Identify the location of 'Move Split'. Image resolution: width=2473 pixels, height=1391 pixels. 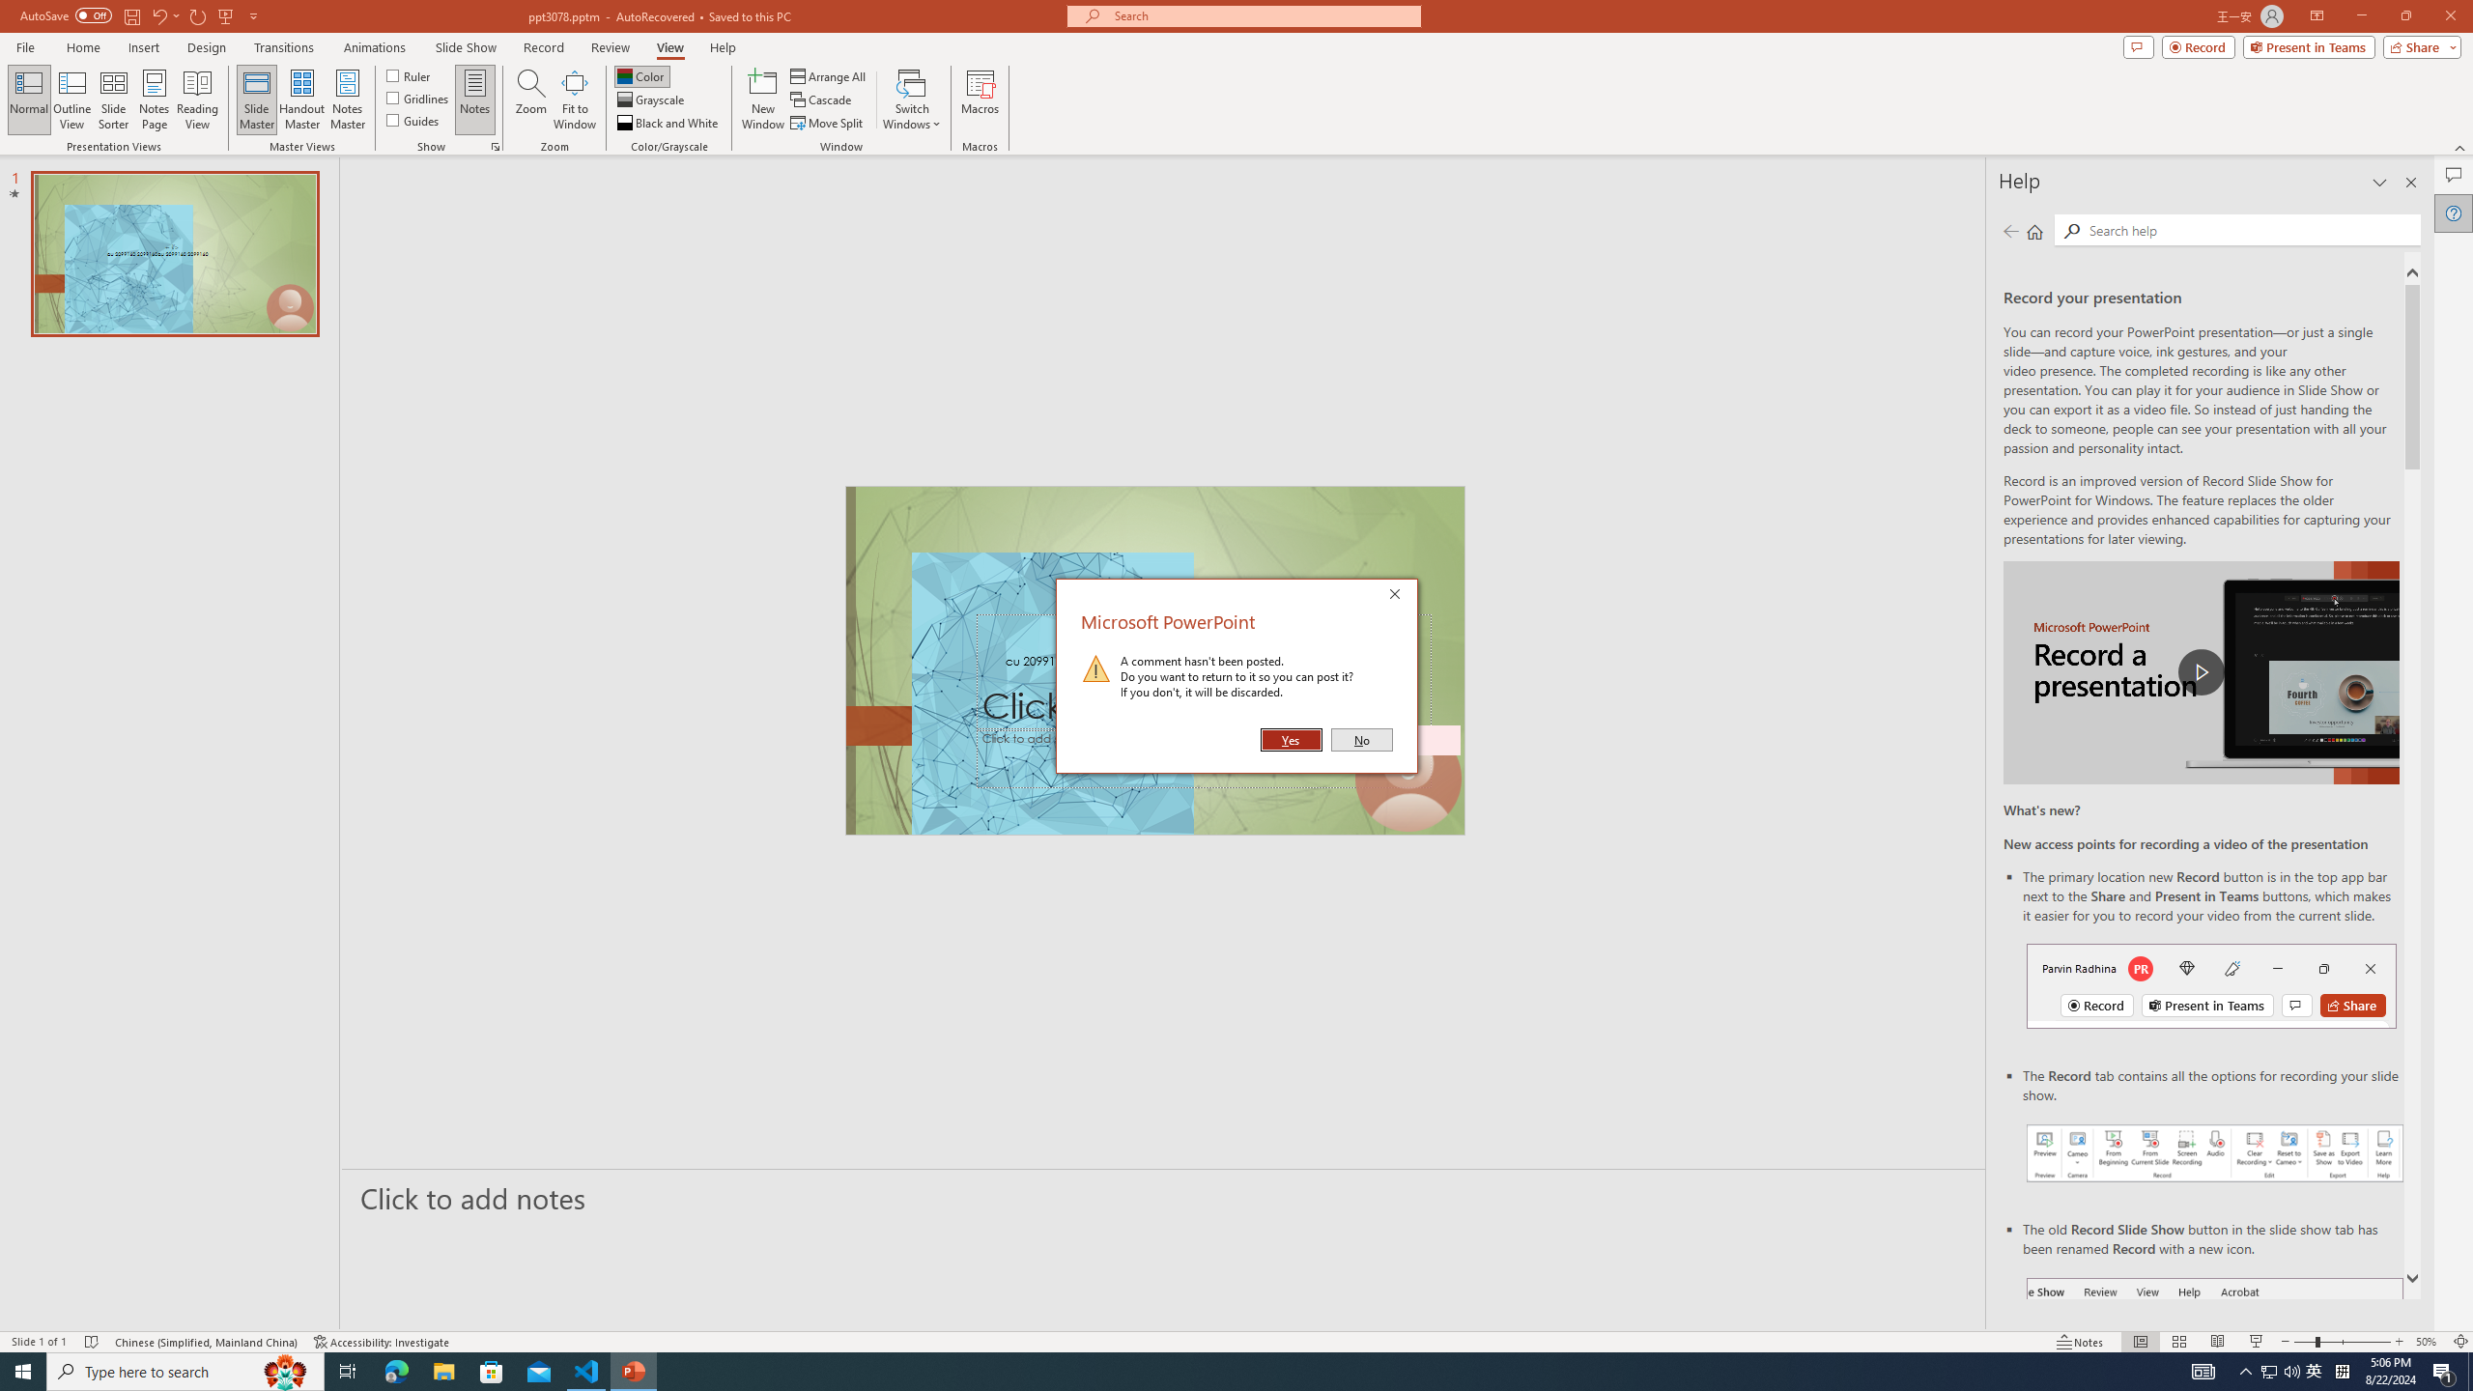
(827, 123).